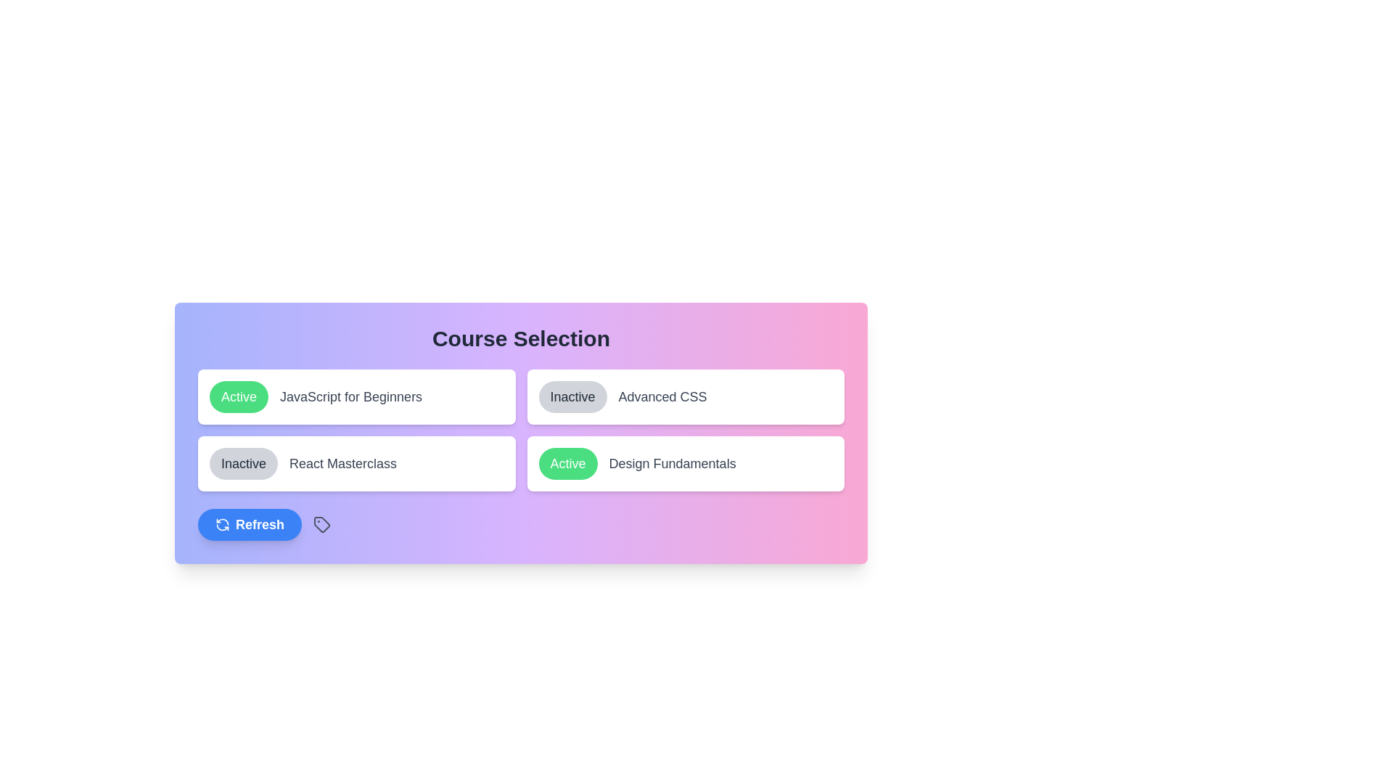 The width and height of the screenshot is (1393, 784). What do you see at coordinates (356, 397) in the screenshot?
I see `the first card in the grid layout labeled 'JavaScript for Beginners', which features a green 'Active' button and is located directly under the title 'Course Selection'` at bounding box center [356, 397].